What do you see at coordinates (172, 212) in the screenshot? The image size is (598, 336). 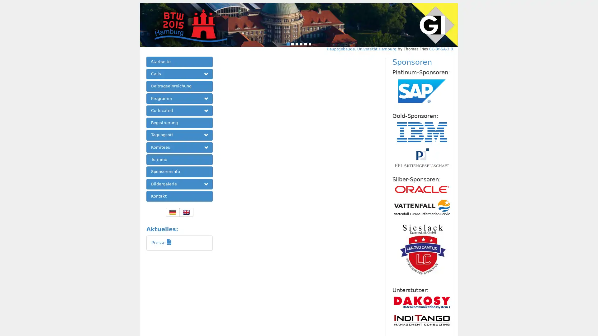 I see `Deutsch` at bounding box center [172, 212].